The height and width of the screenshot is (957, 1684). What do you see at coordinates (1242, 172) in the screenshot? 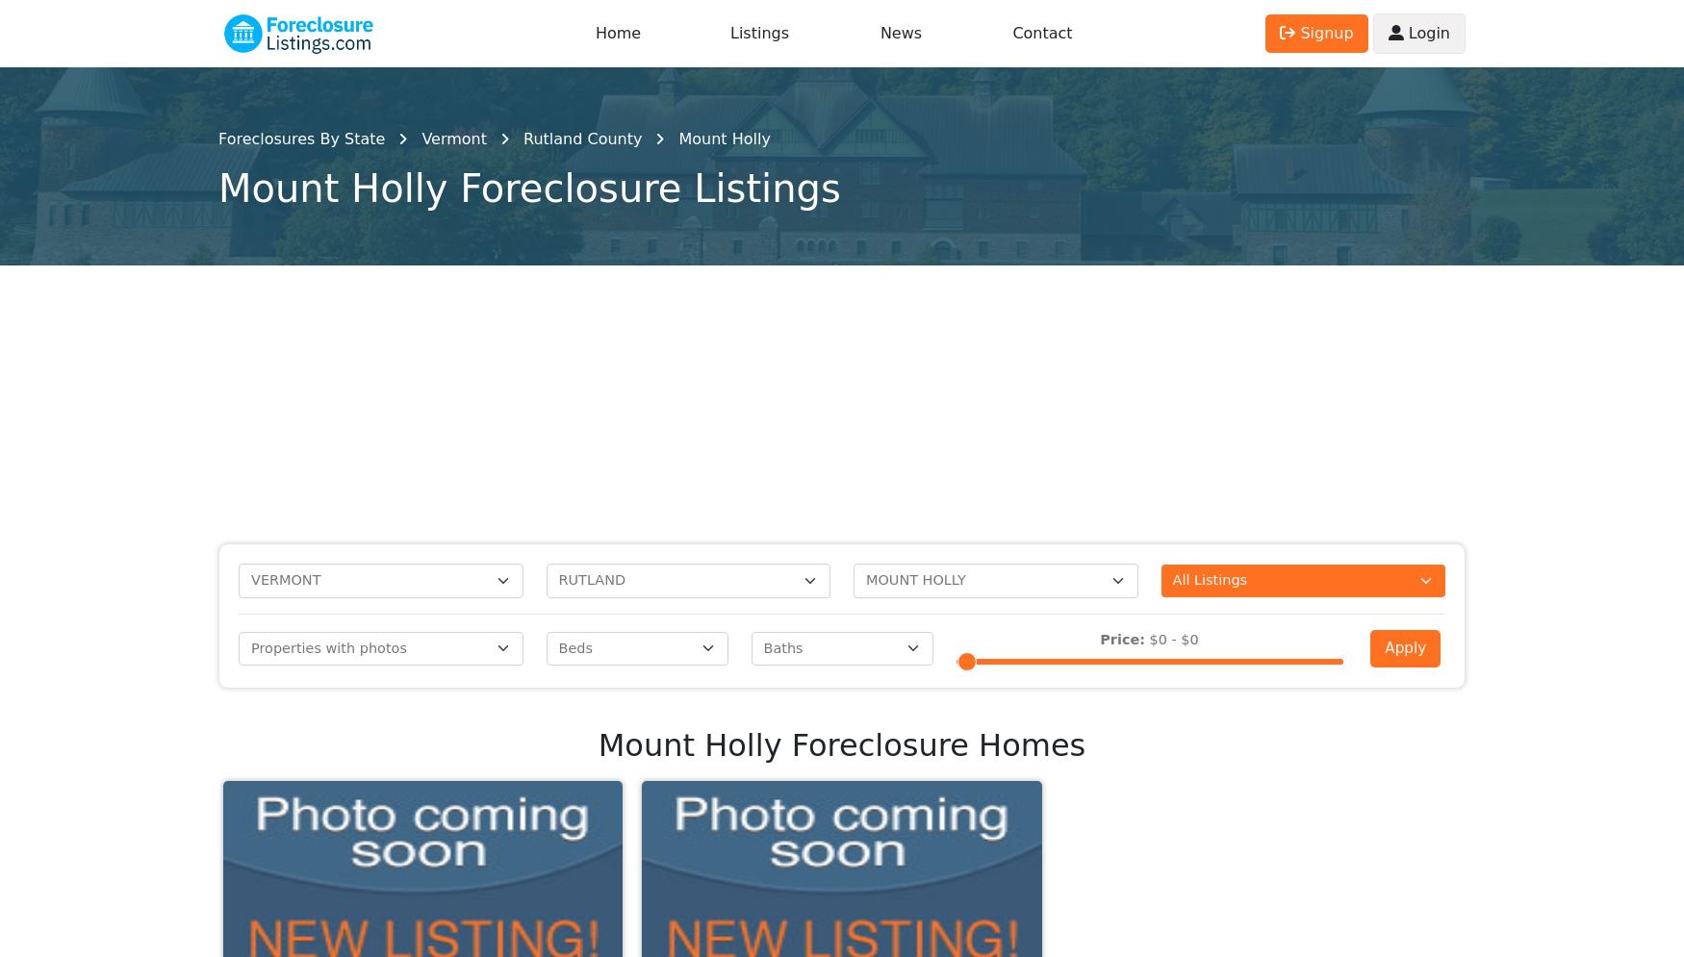
I see `'05701'` at bounding box center [1242, 172].